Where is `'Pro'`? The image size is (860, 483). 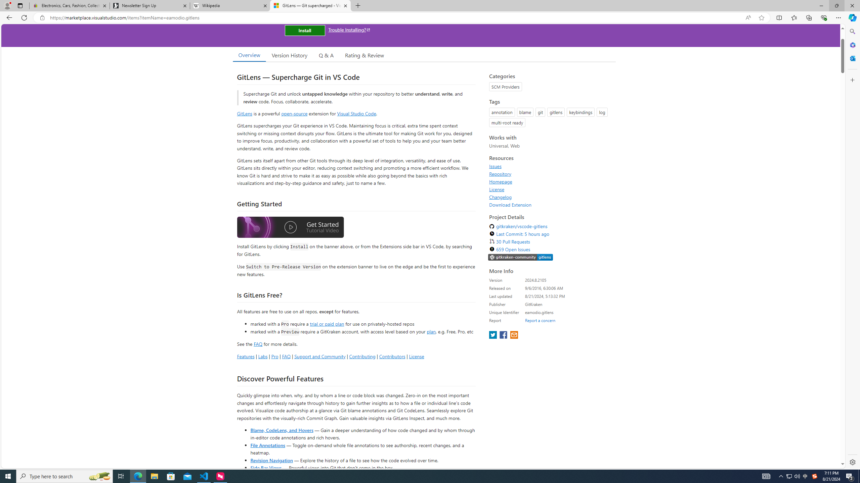 'Pro' is located at coordinates (274, 356).